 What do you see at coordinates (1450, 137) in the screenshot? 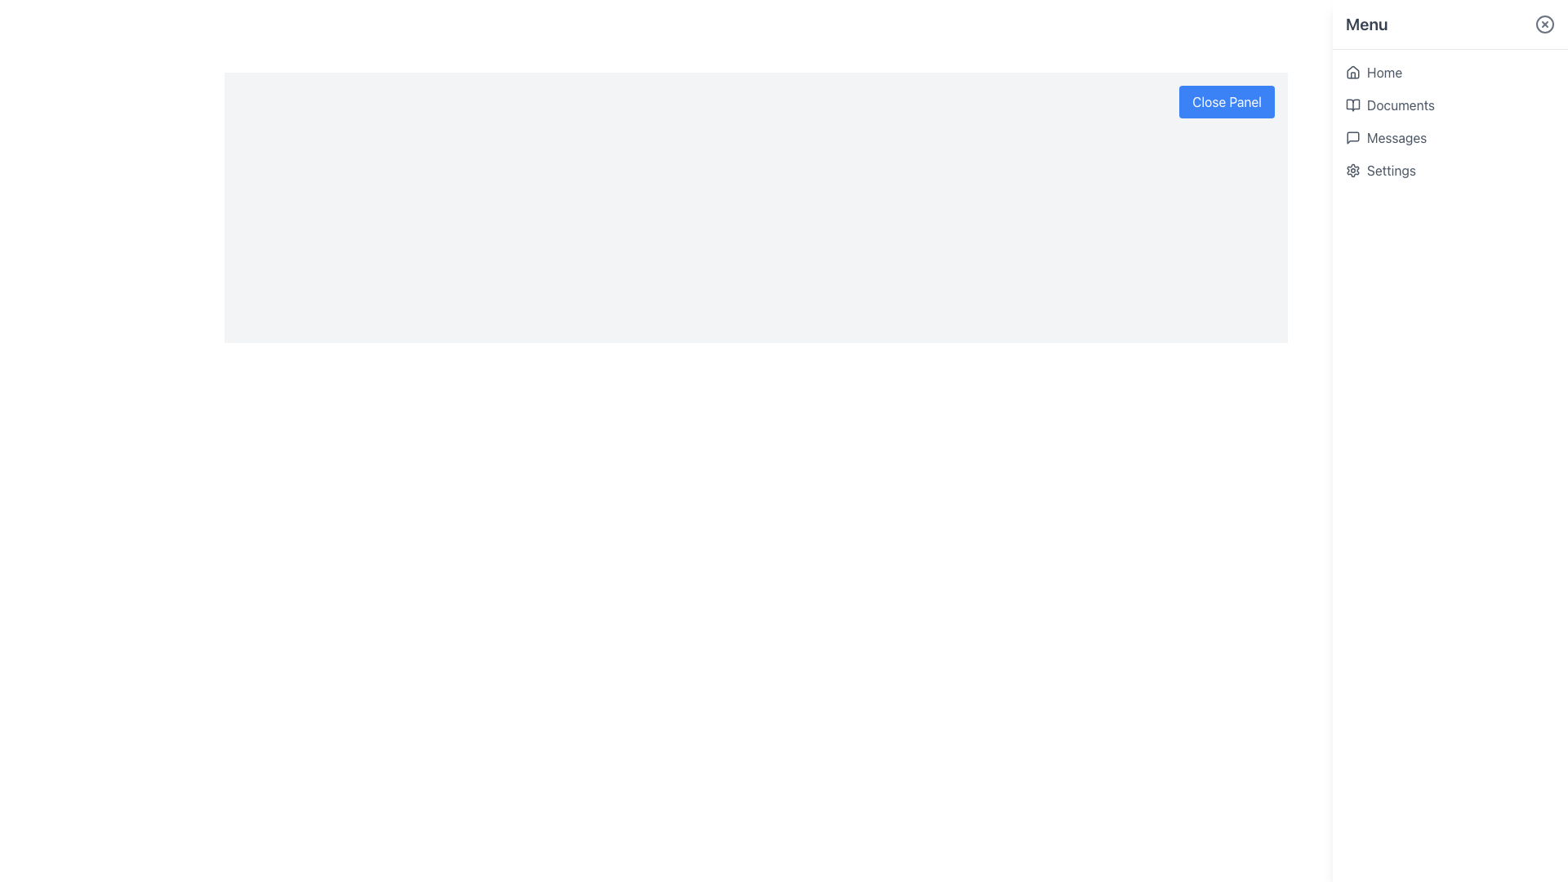
I see `the 'Messages' button in the vertical navigation menu` at bounding box center [1450, 137].